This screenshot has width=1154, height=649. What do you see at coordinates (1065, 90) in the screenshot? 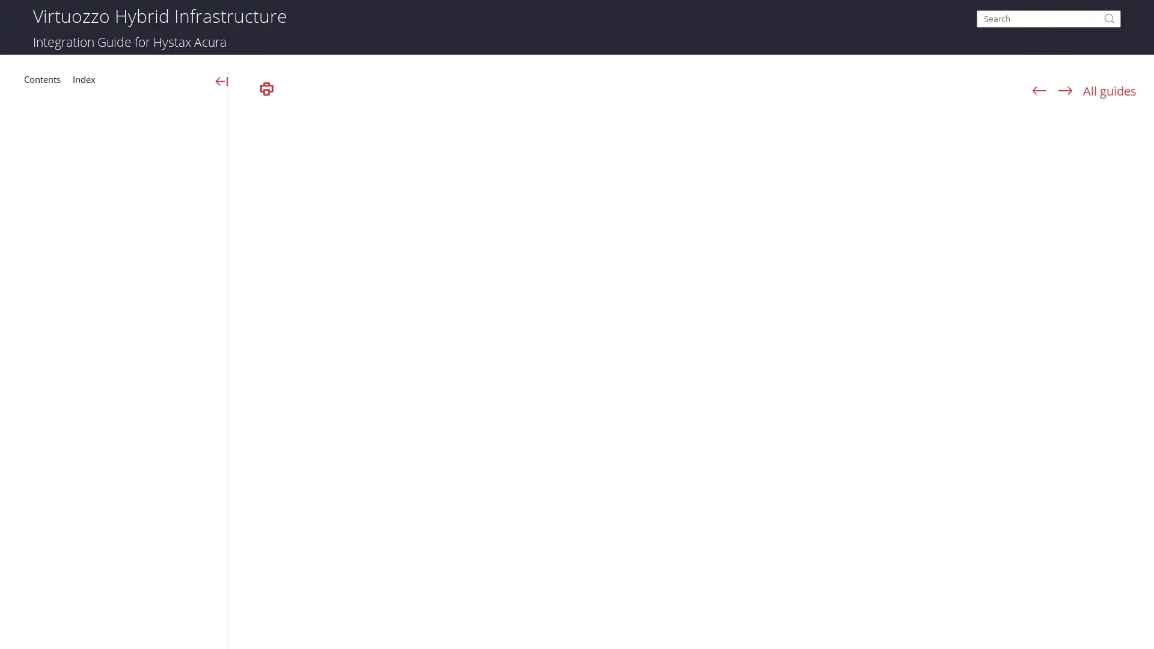
I see `Navigate next` at bounding box center [1065, 90].